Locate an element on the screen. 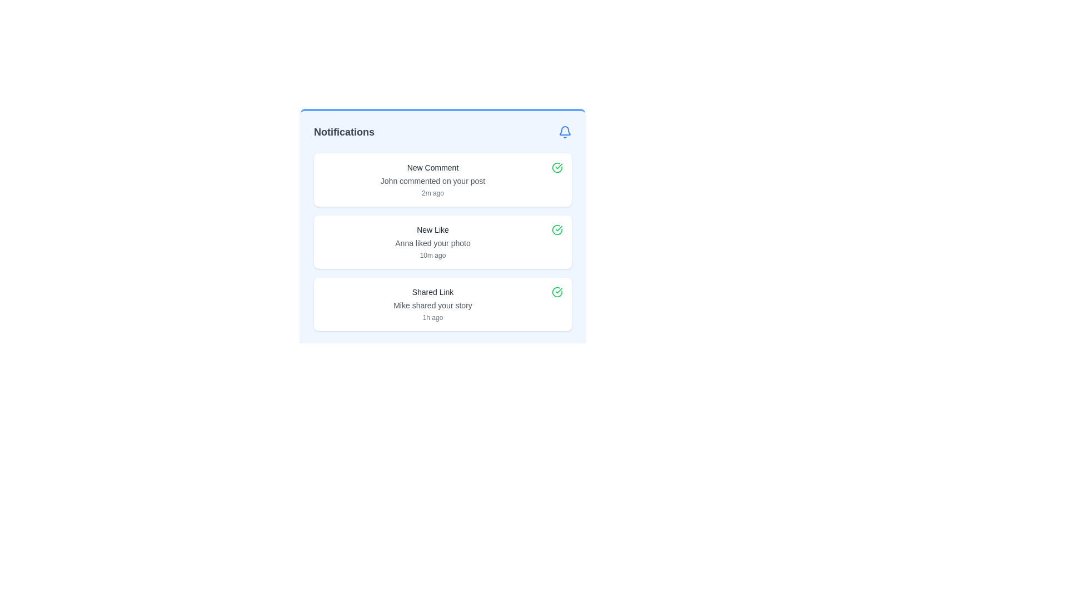  the Text Label that summarizes the action or event related to the notification, positioned above 'Mike shared your story' and '1h ago' in the middle notification block is located at coordinates (432, 291).